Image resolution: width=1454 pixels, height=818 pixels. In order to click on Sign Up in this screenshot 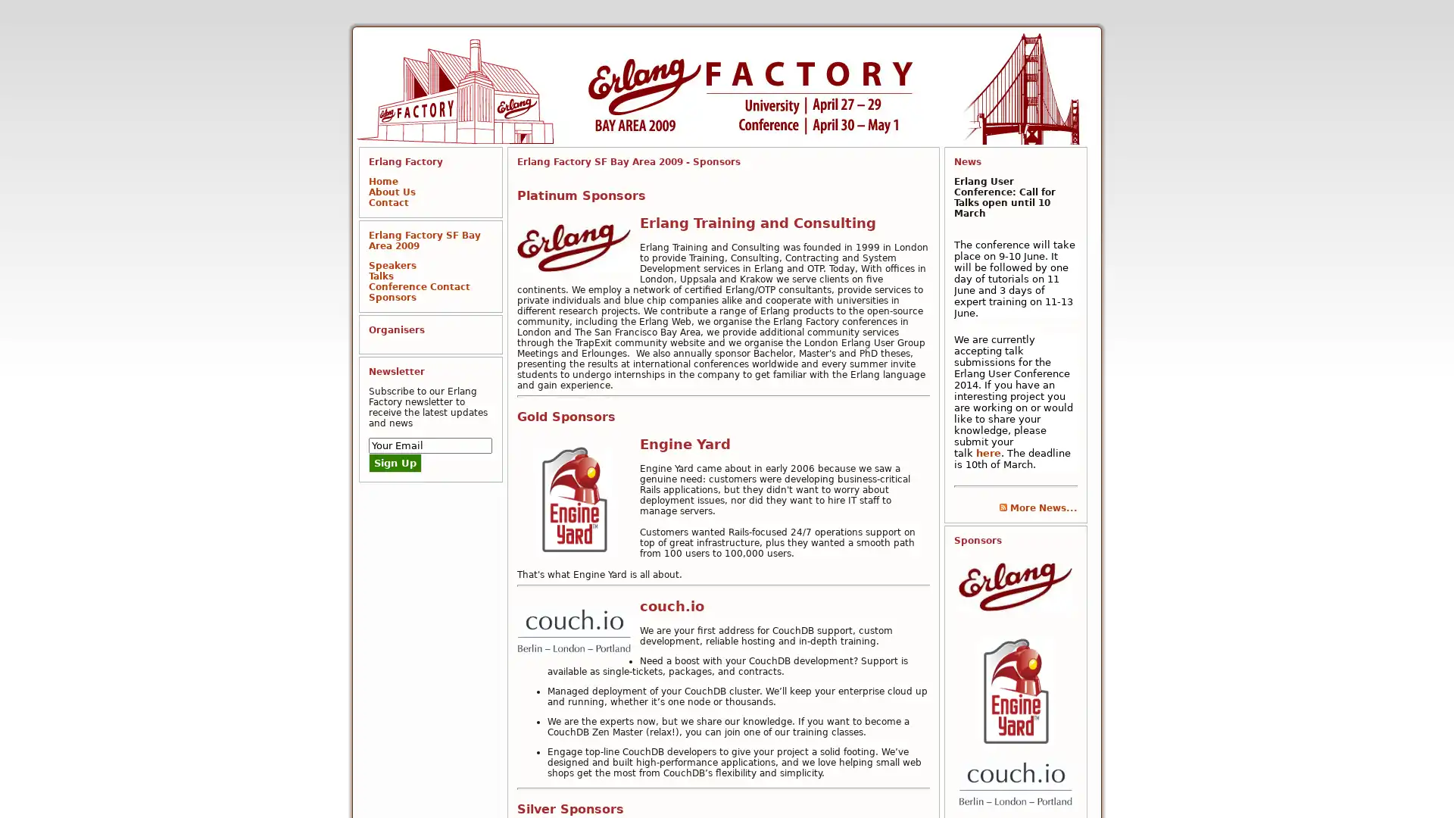, I will do `click(395, 462)`.